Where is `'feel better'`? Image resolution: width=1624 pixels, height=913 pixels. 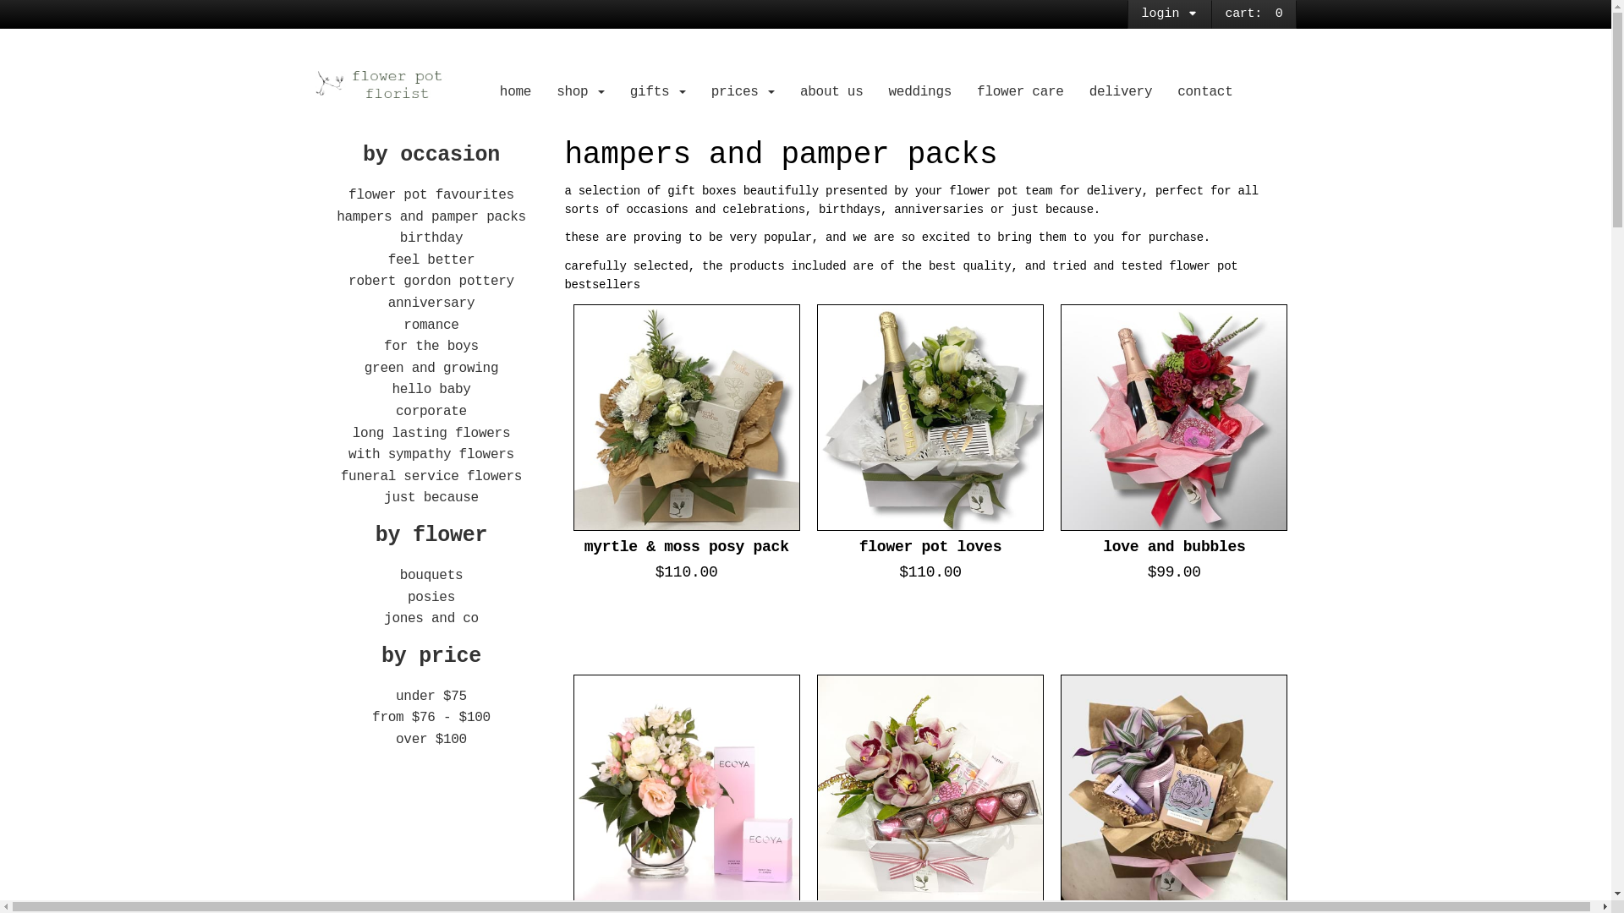
'feel better' is located at coordinates (387, 260).